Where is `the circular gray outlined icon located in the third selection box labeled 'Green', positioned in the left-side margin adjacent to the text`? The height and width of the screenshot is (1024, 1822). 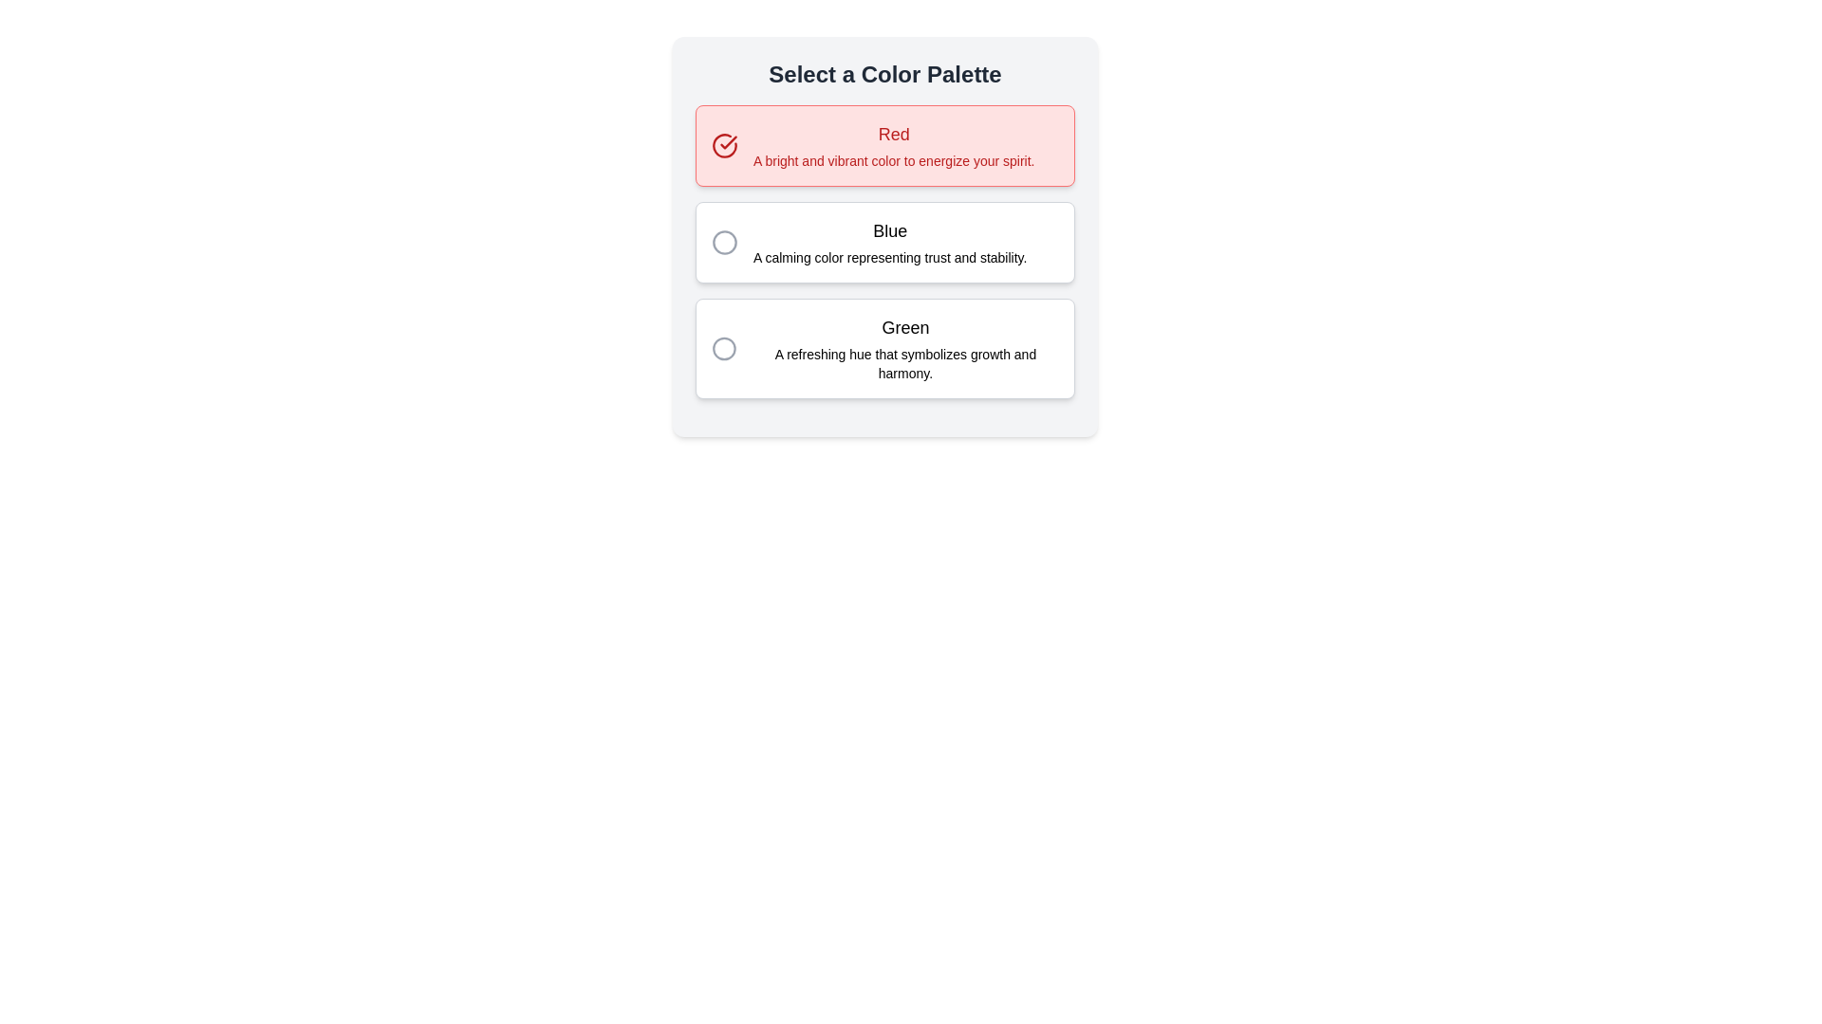 the circular gray outlined icon located in the third selection box labeled 'Green', positioned in the left-side margin adjacent to the text is located at coordinates (723, 348).